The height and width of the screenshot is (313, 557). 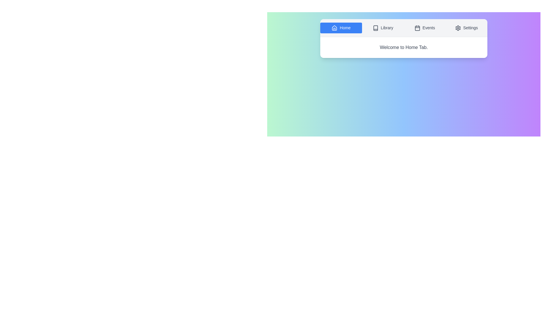 What do you see at coordinates (425, 28) in the screenshot?
I see `the Navigation Tab labeled 'Events' which features a calendar icon and is the third item in the navigation bar` at bounding box center [425, 28].